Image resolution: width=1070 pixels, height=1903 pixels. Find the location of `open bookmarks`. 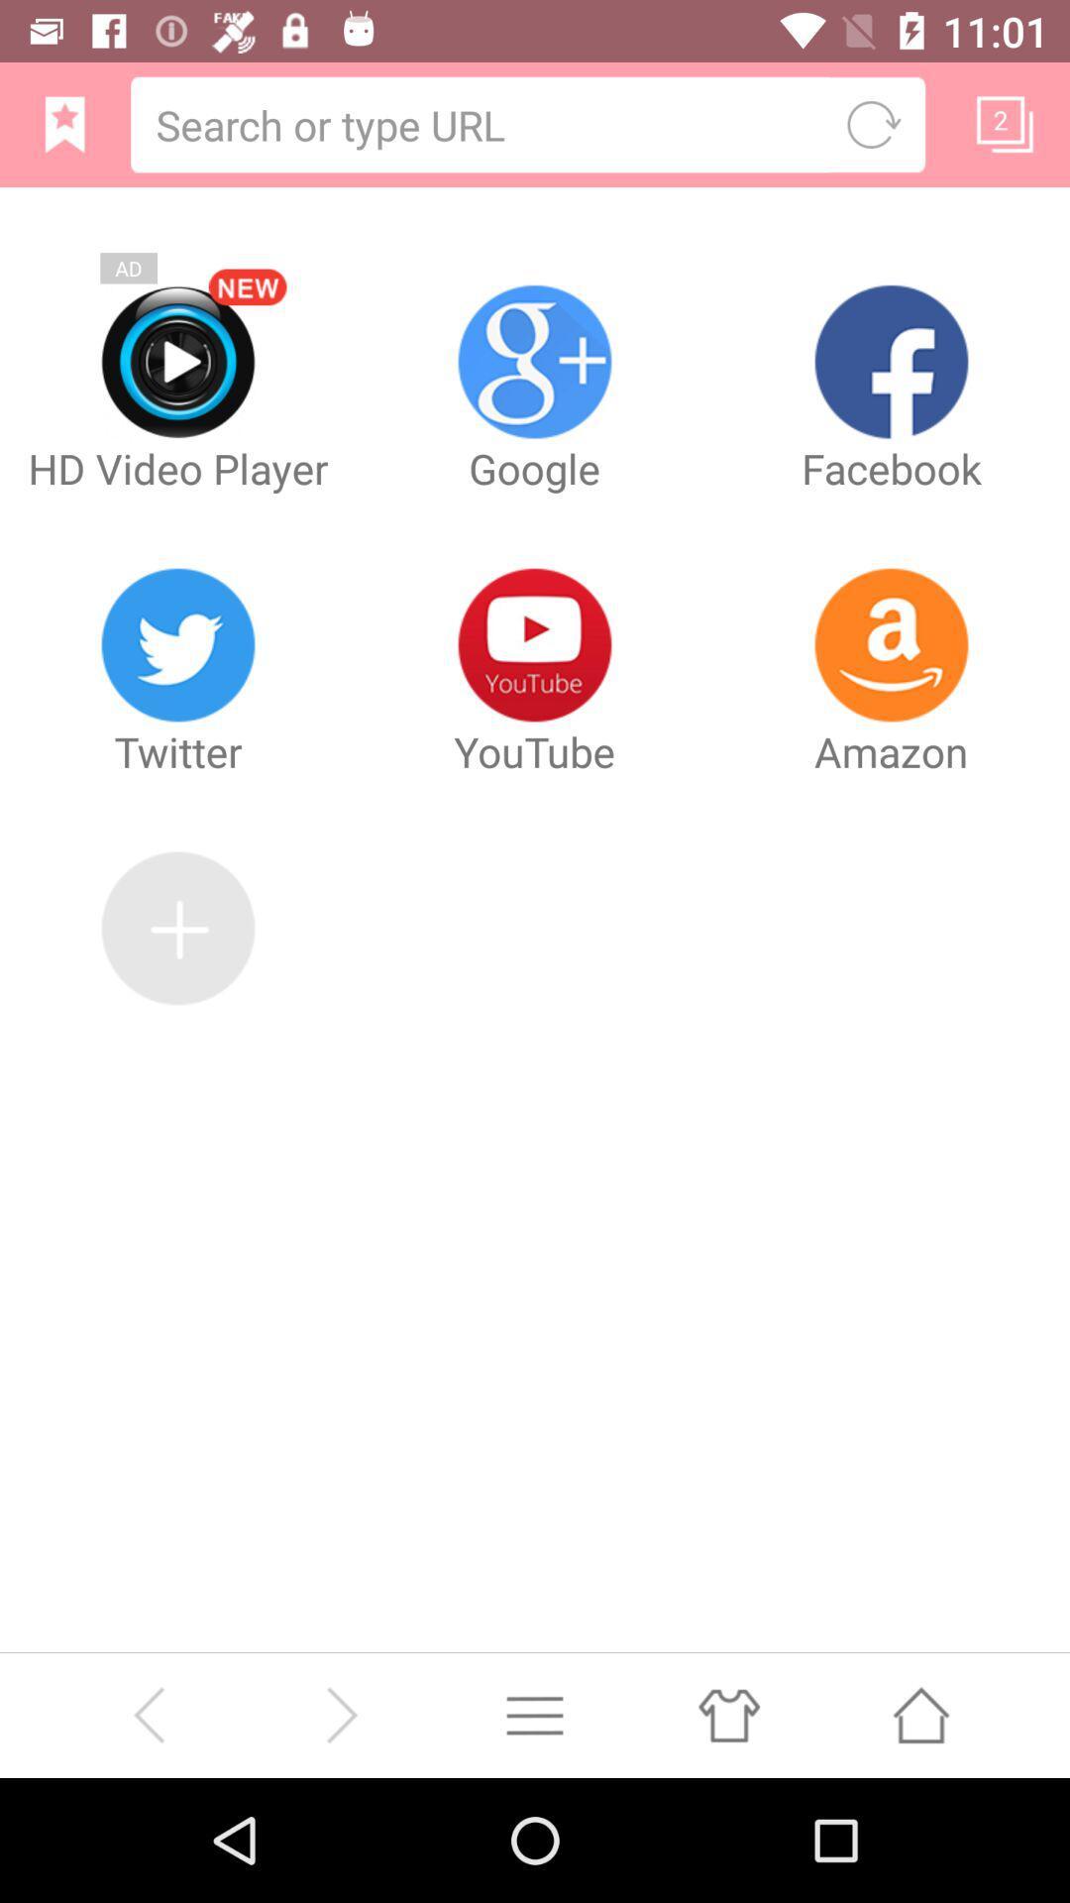

open bookmarks is located at coordinates (63, 123).